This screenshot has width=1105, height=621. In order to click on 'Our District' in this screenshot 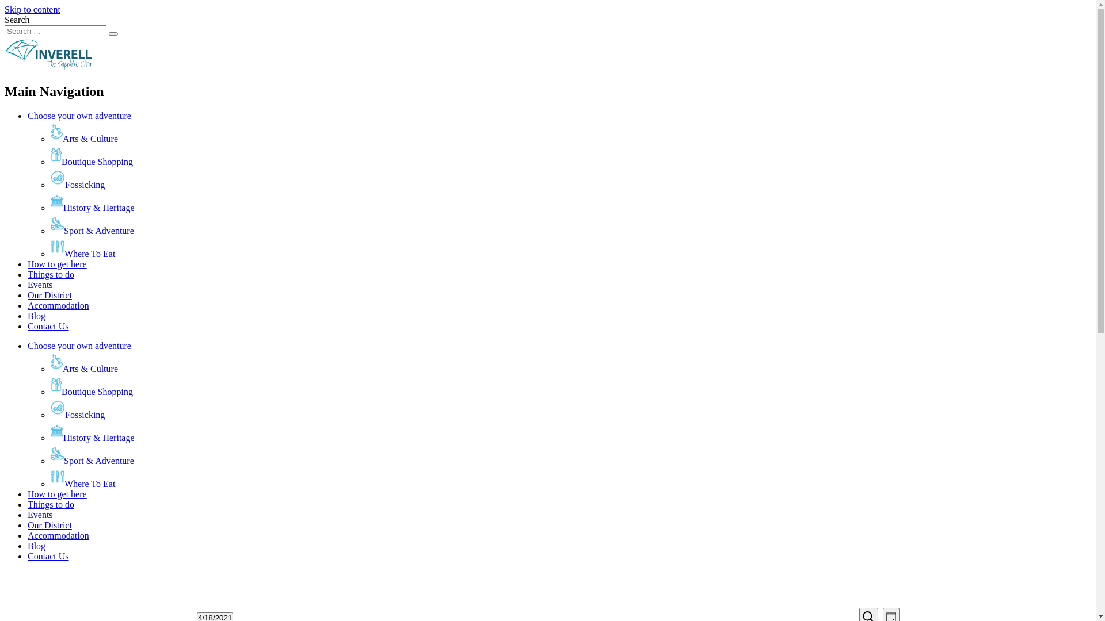, I will do `click(49, 294)`.